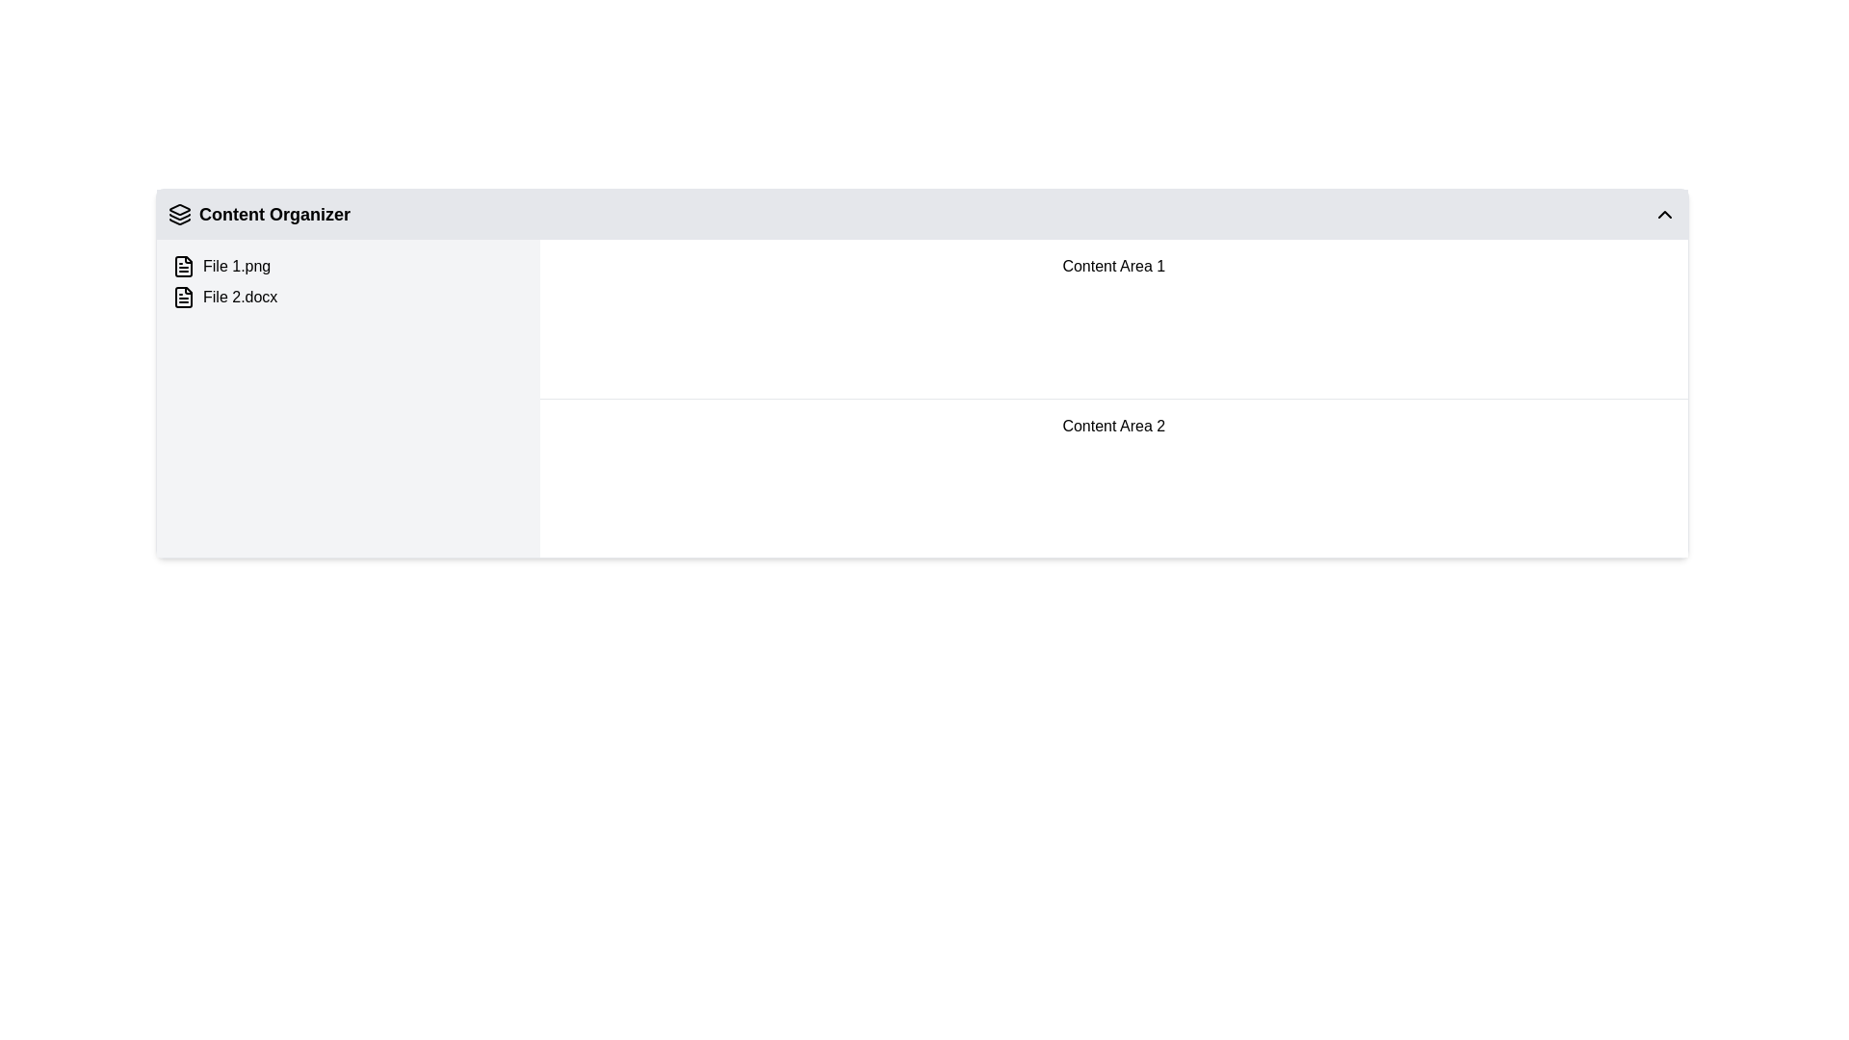  Describe the element at coordinates (180, 215) in the screenshot. I see `the icon located on the left-hand side of the 'Content Organizer' title for visual reference` at that location.